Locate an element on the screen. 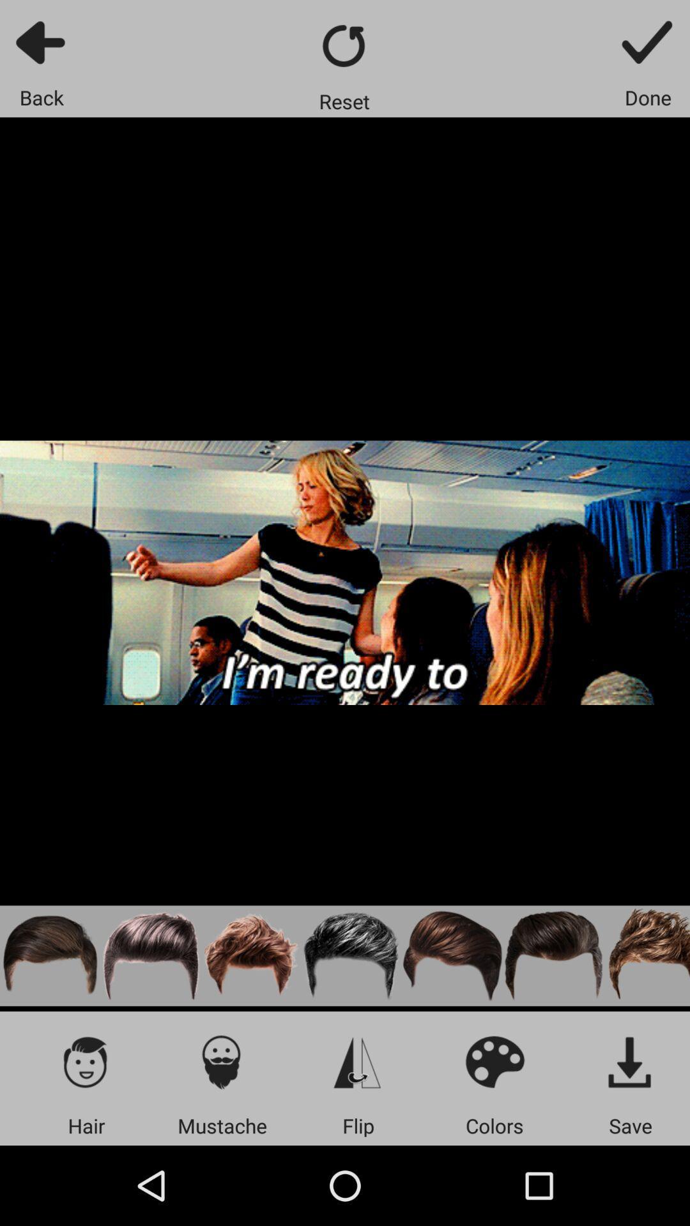 Image resolution: width=690 pixels, height=1226 pixels. reset button is located at coordinates (344, 45).